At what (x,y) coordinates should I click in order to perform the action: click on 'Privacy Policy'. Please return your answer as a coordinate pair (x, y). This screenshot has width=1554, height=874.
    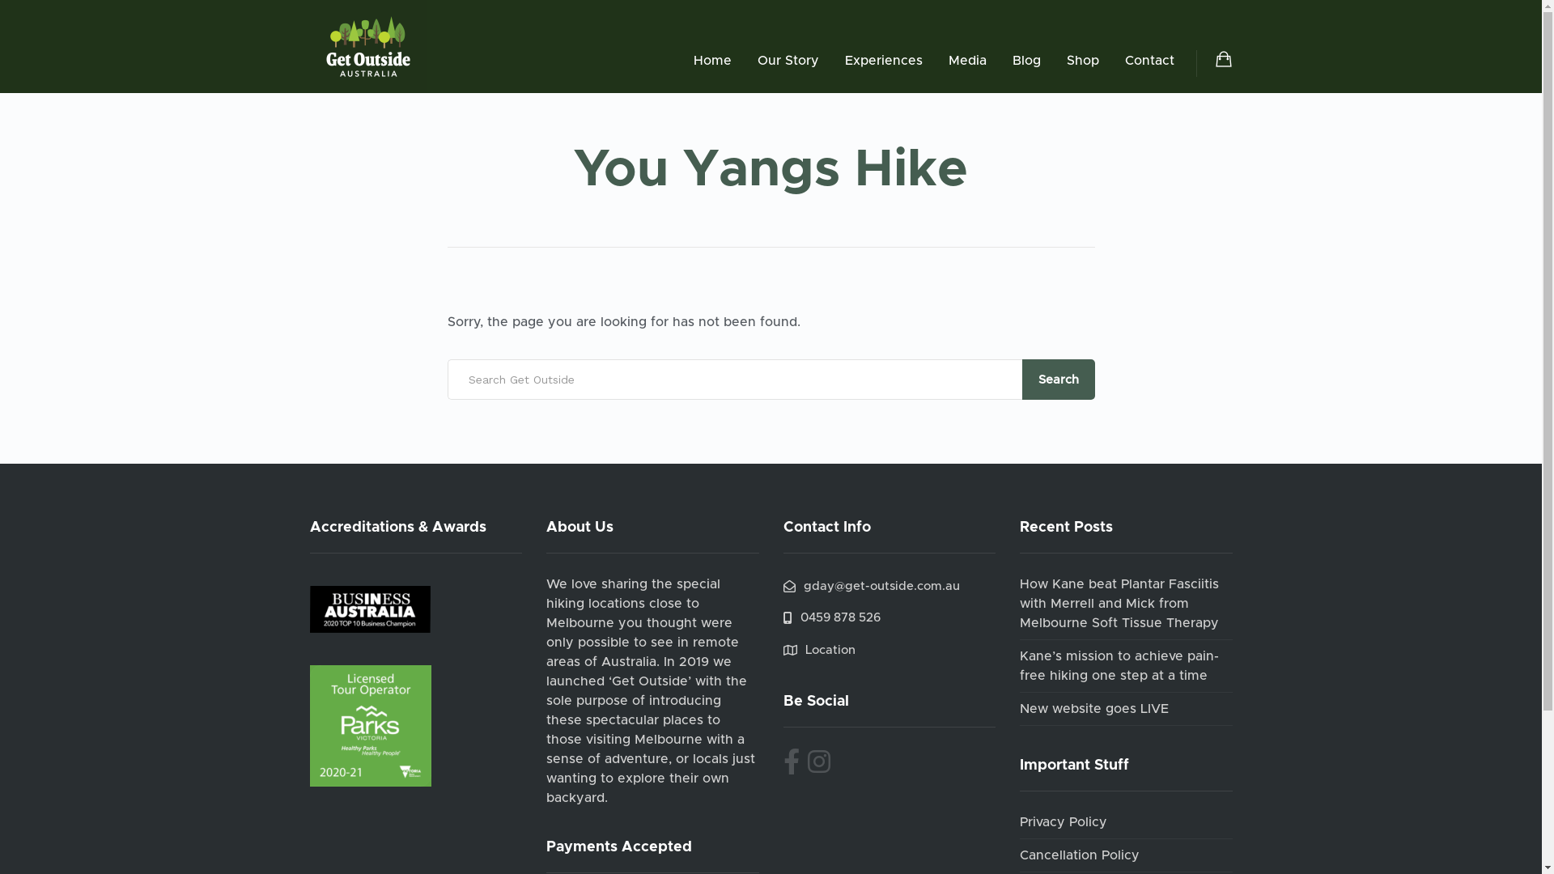
    Looking at the image, I should click on (1064, 821).